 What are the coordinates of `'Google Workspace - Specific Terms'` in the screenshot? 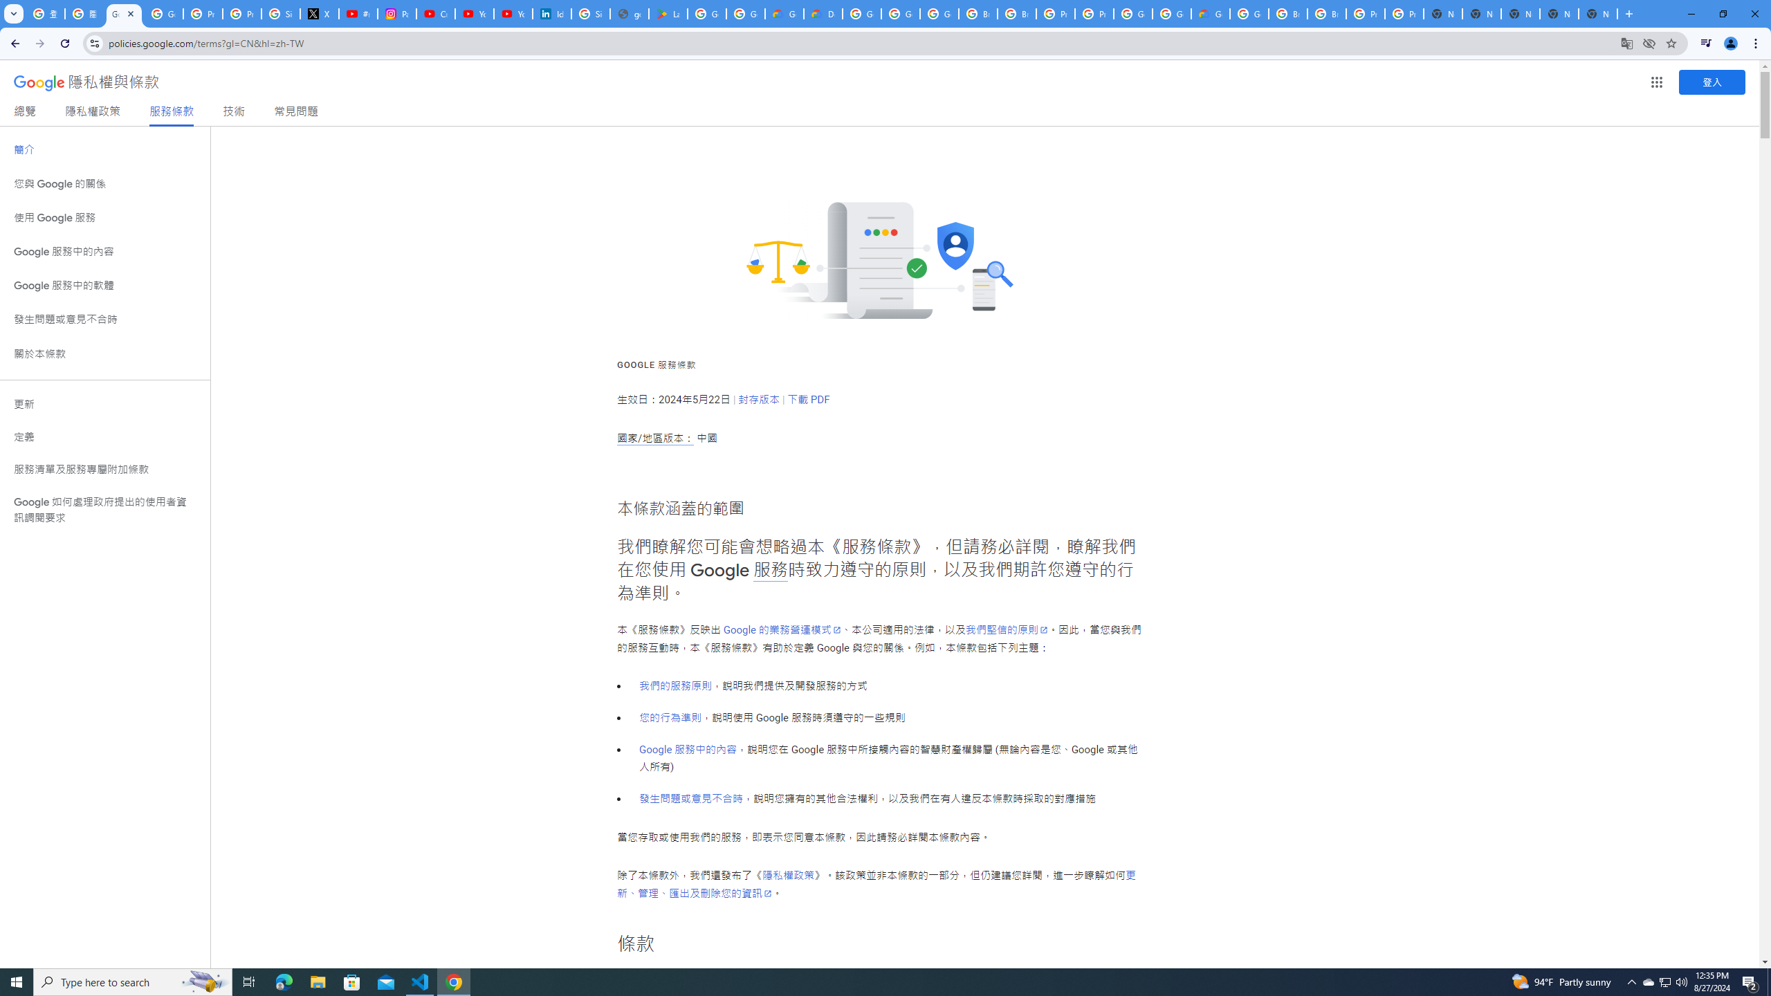 It's located at (746, 13).